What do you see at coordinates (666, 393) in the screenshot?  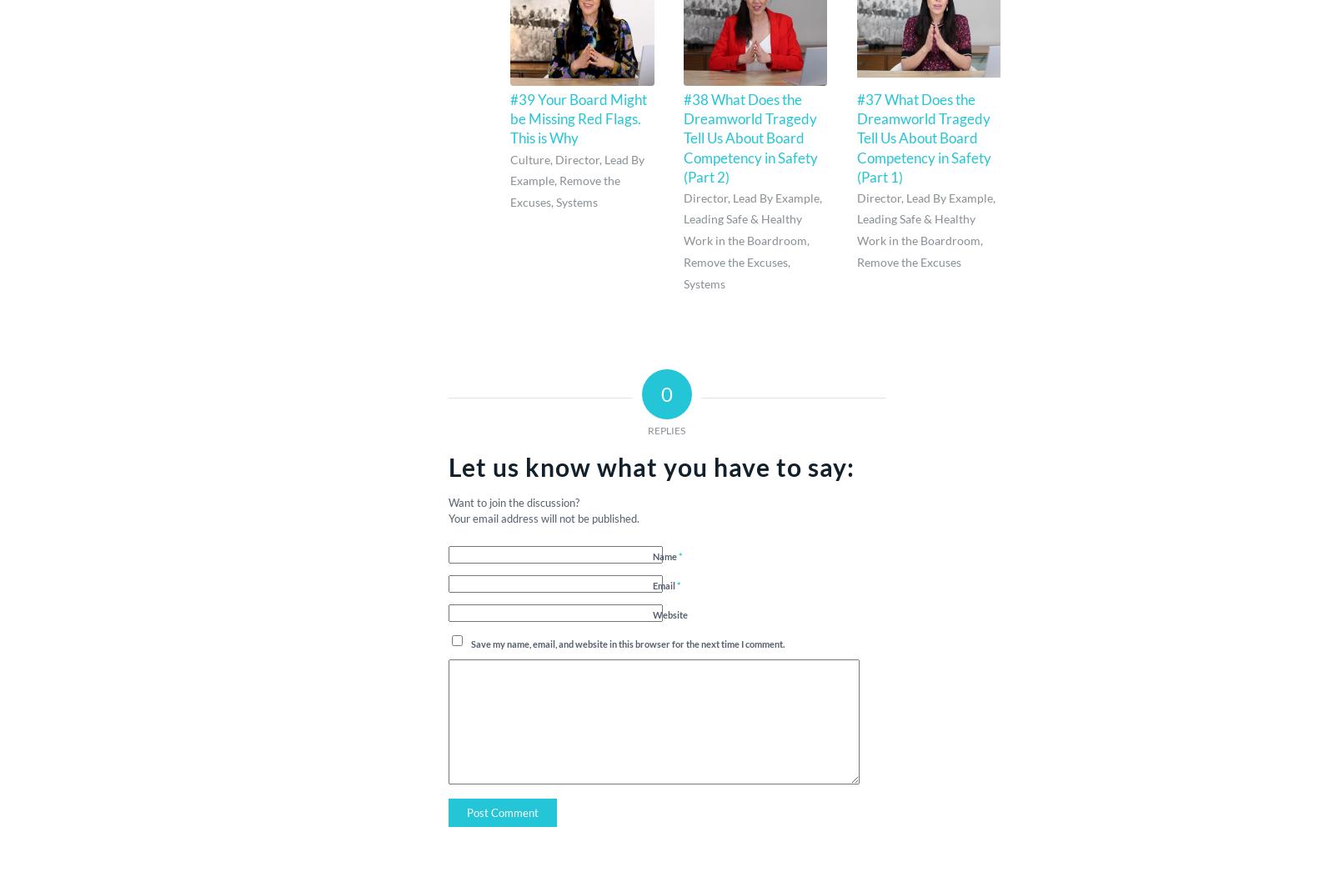 I see `'0'` at bounding box center [666, 393].